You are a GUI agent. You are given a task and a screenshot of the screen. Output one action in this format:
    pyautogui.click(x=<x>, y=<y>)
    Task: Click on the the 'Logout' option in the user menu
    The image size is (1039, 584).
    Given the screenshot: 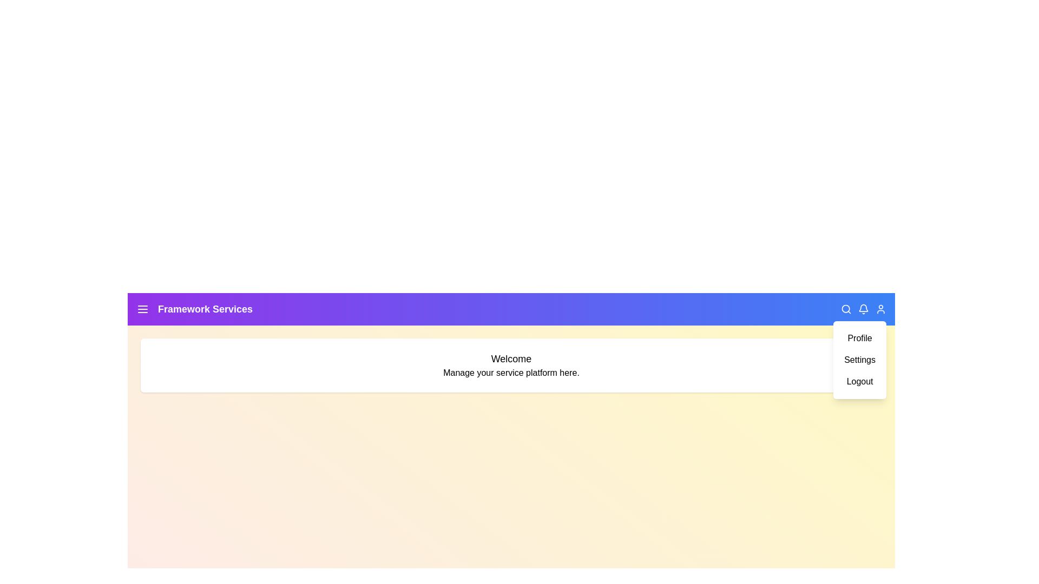 What is the action you would take?
    pyautogui.click(x=859, y=381)
    